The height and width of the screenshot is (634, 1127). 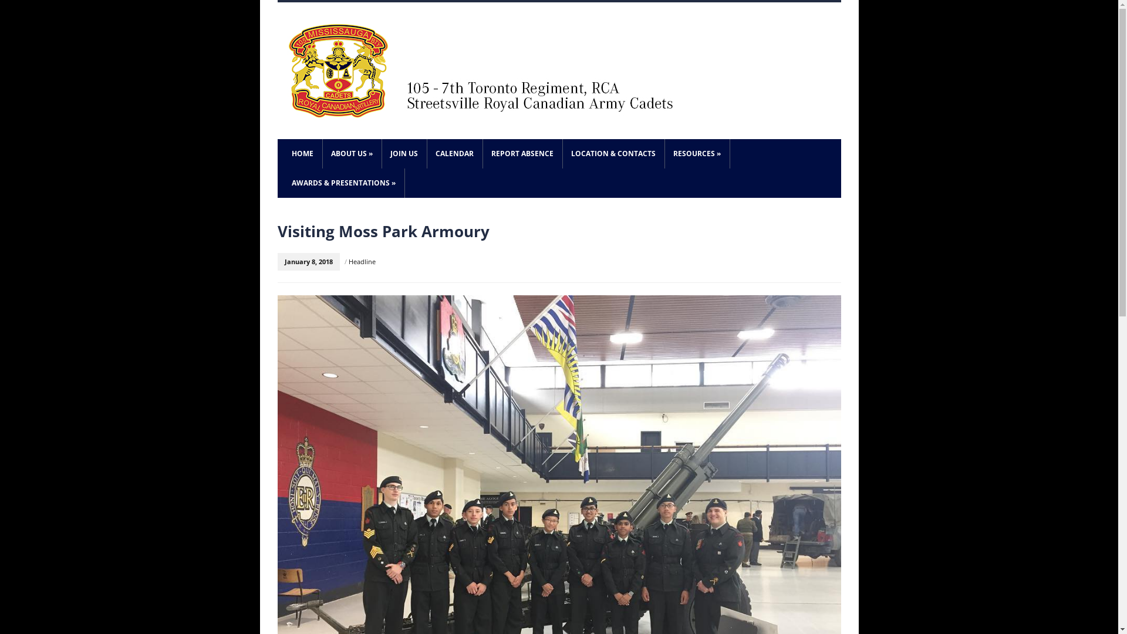 What do you see at coordinates (302, 153) in the screenshot?
I see `'HOME'` at bounding box center [302, 153].